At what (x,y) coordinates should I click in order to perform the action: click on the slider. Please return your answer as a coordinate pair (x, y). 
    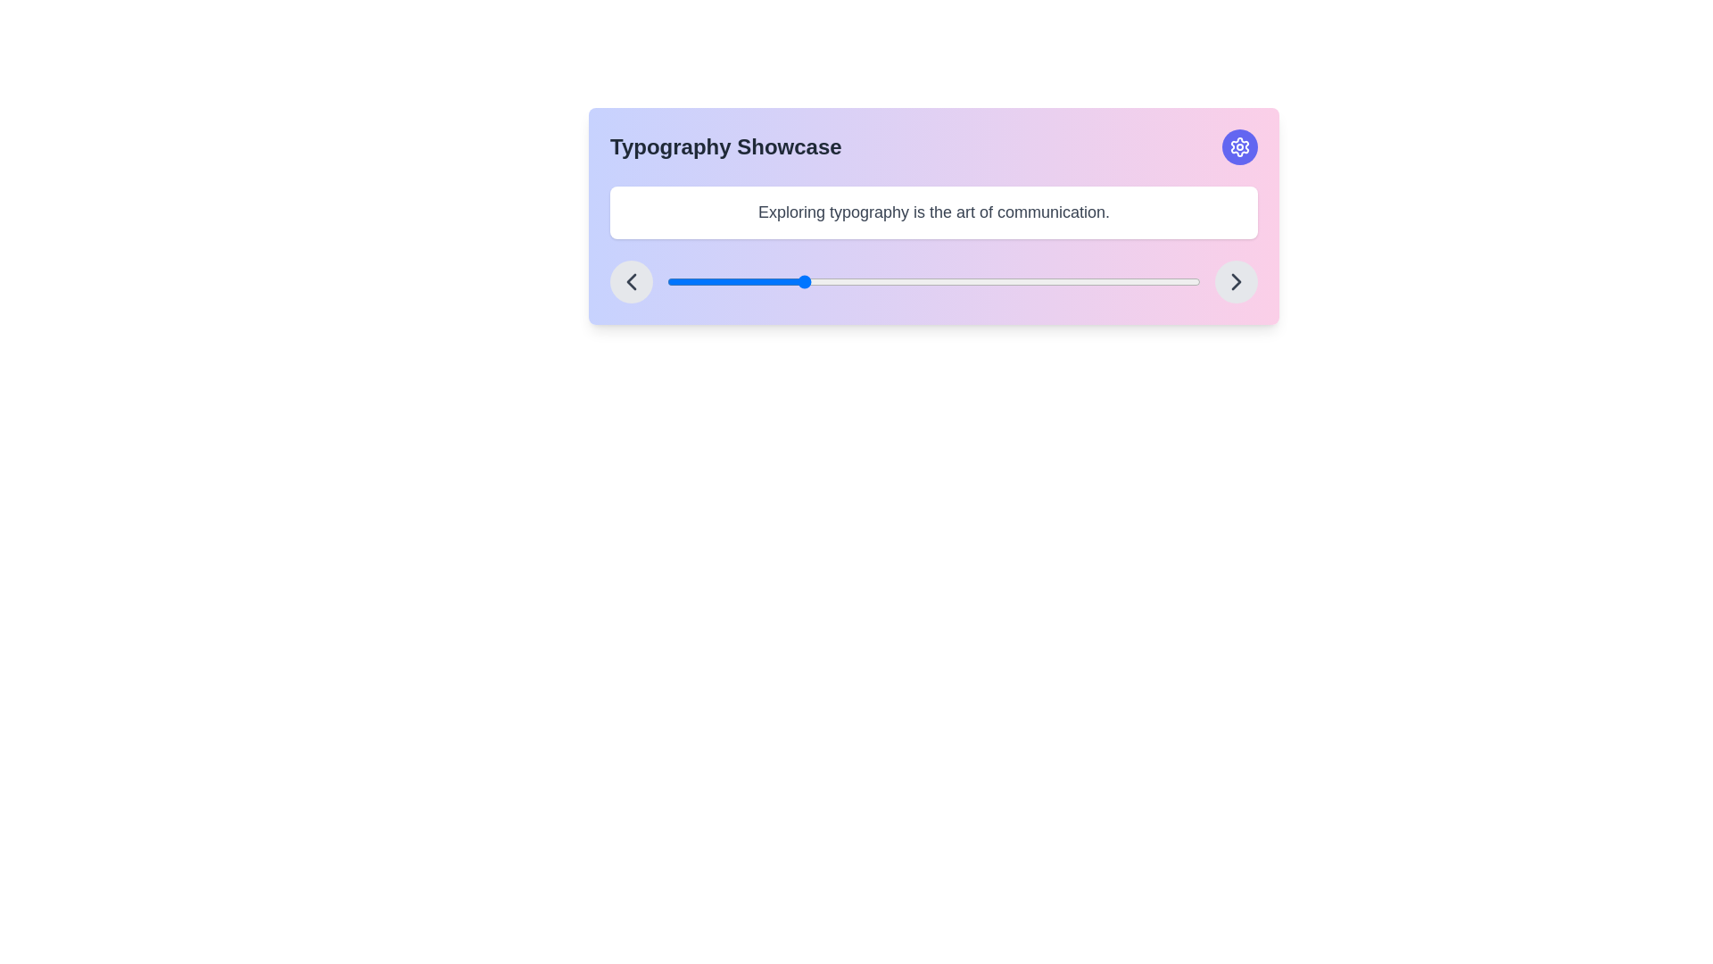
    Looking at the image, I should click on (688, 281).